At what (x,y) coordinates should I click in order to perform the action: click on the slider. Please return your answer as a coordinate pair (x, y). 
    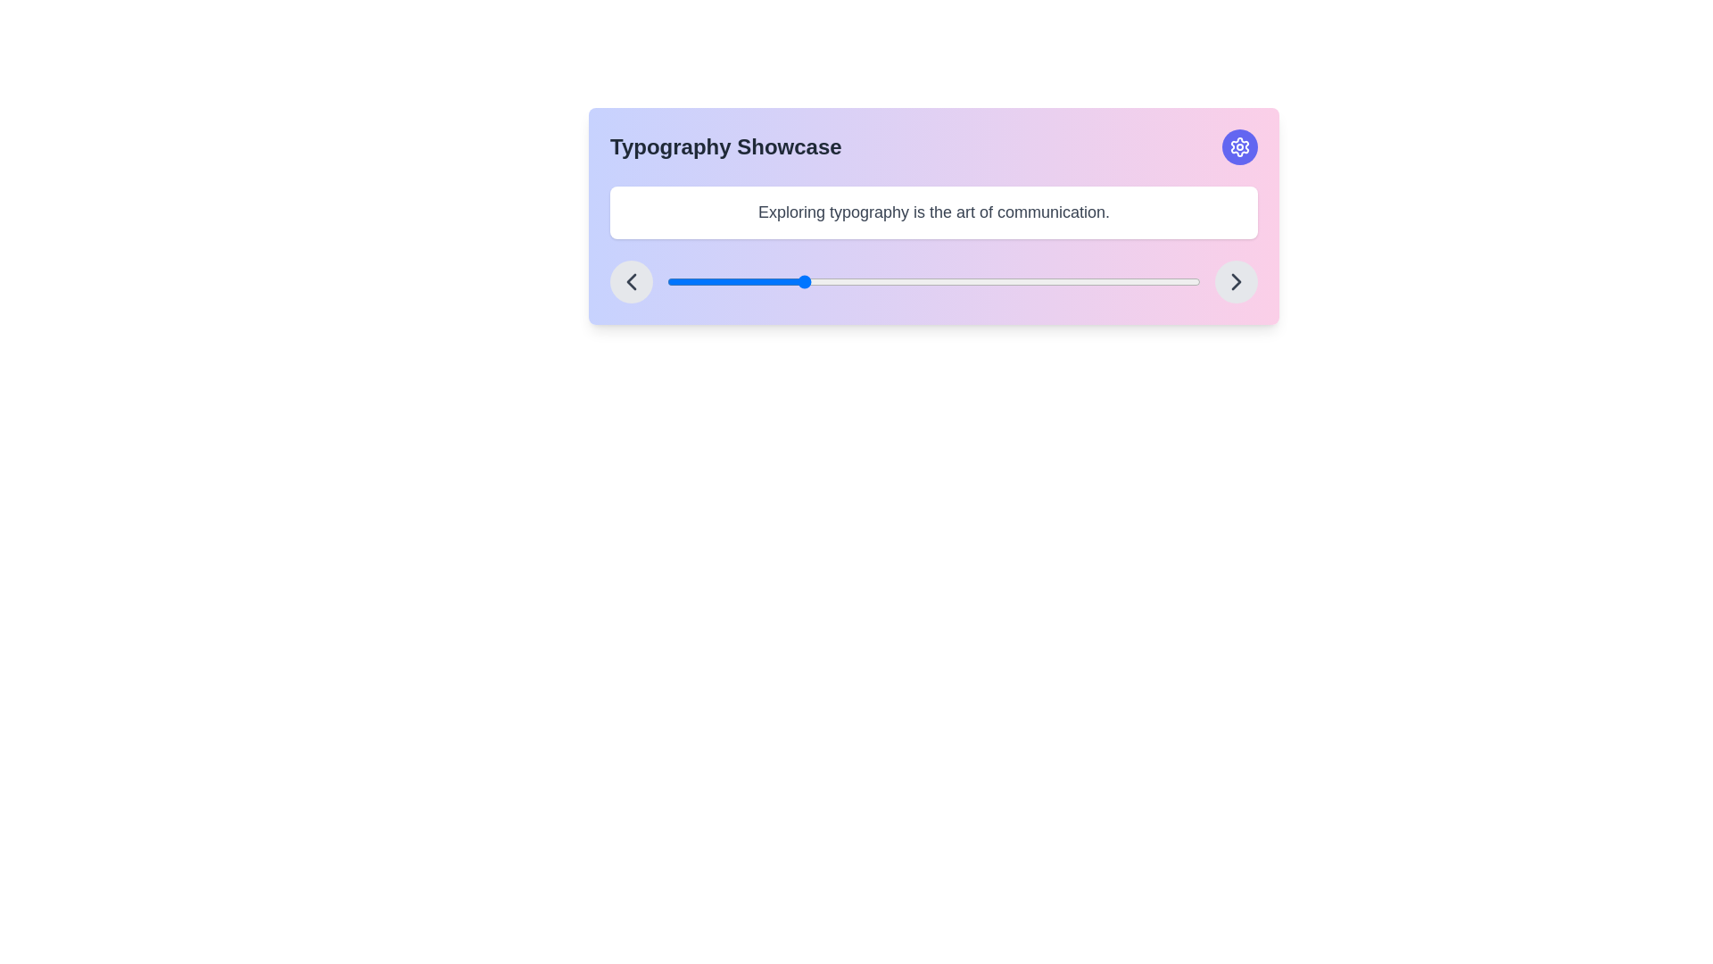
    Looking at the image, I should click on (688, 281).